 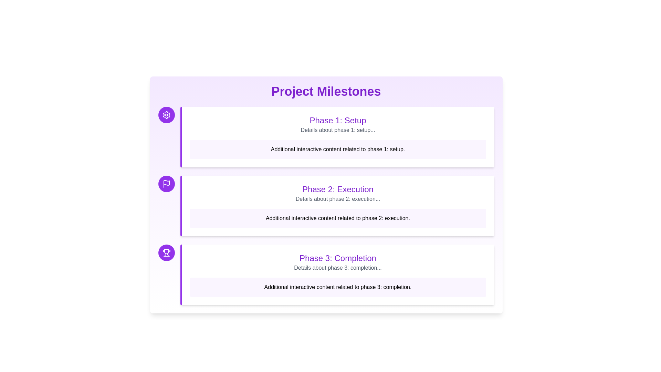 I want to click on the title of the milestone panel, which indicates the phase of the project and is centrally placed within the third milestone panel from the top, so click(x=338, y=258).